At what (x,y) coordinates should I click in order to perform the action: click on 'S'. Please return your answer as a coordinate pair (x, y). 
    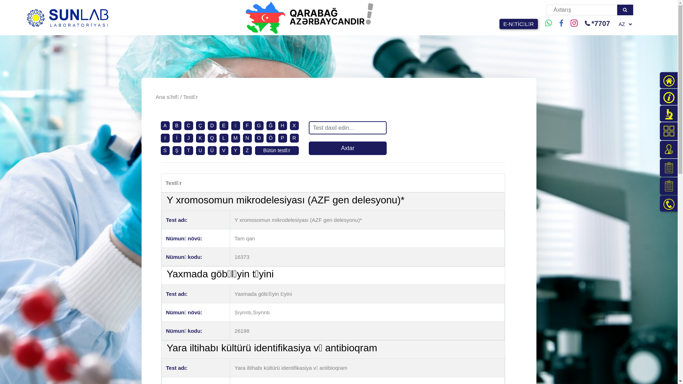
    Looking at the image, I should click on (164, 150).